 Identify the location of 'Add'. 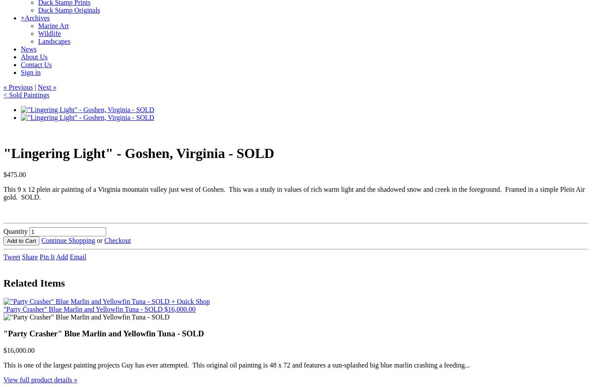
(62, 256).